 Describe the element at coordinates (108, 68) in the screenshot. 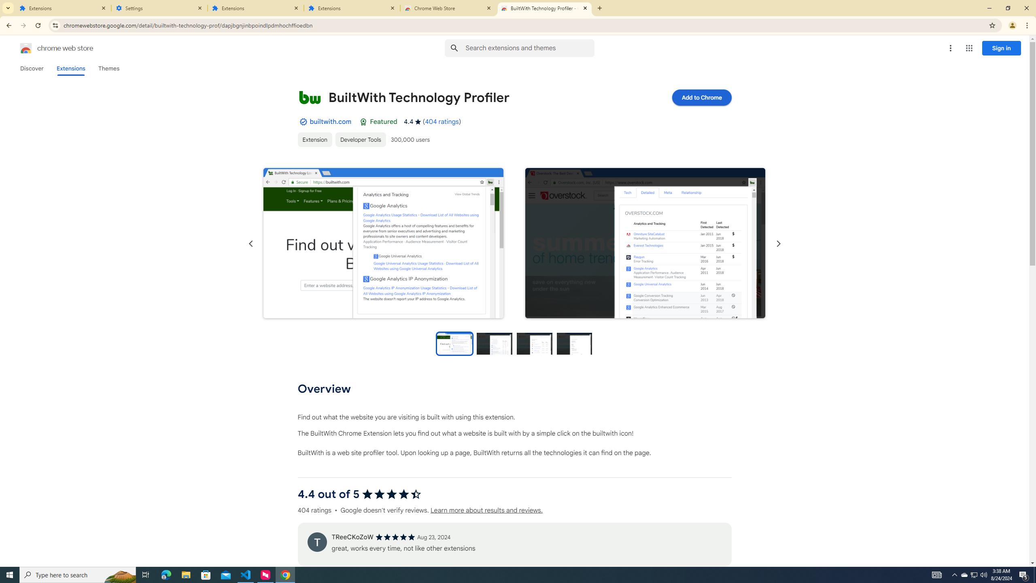

I see `'Themes'` at that location.